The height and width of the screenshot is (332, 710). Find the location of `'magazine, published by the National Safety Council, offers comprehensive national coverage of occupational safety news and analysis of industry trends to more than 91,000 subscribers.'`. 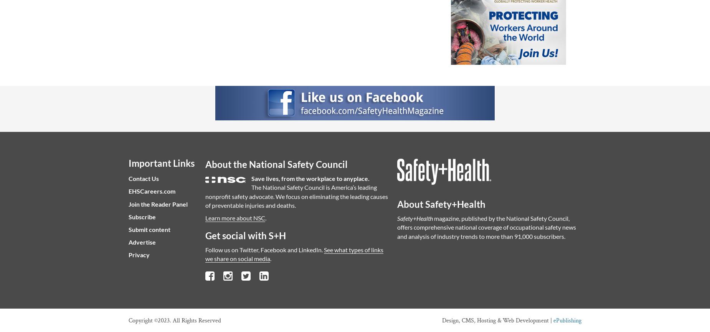

'magazine, published by the National Safety Council, offers comprehensive national coverage of occupational safety news and analysis of industry trends to more than 91,000 subscribers.' is located at coordinates (486, 227).